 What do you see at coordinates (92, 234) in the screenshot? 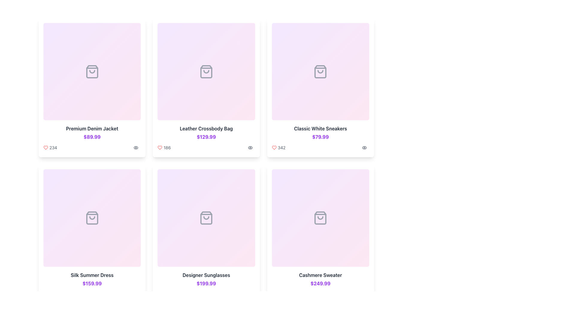
I see `the product showcase card for 'Silk Summer Dress' located in the second row, first column of the grid layout` at bounding box center [92, 234].